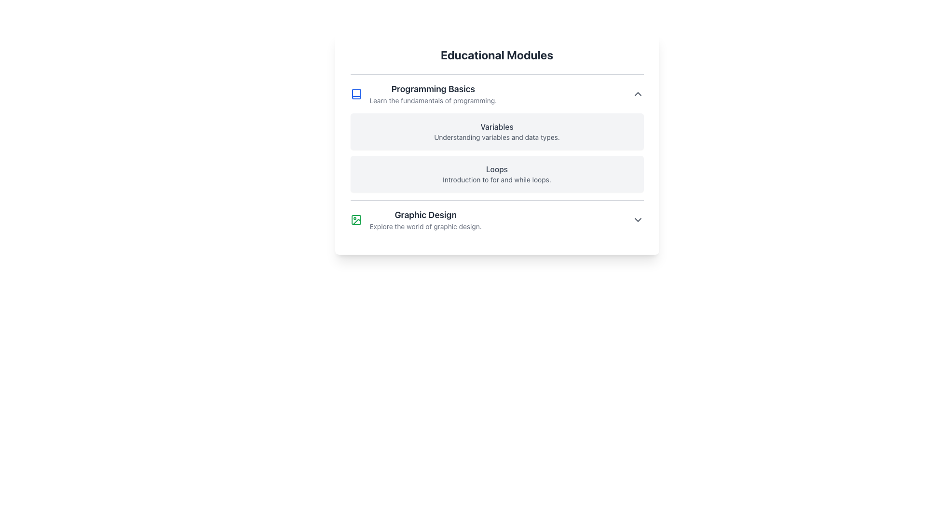 Image resolution: width=926 pixels, height=521 pixels. I want to click on the Informative Section element featuring a blue book icon and the text 'Programming Basics' and 'Learn the fundamentals of programming.', so click(423, 94).